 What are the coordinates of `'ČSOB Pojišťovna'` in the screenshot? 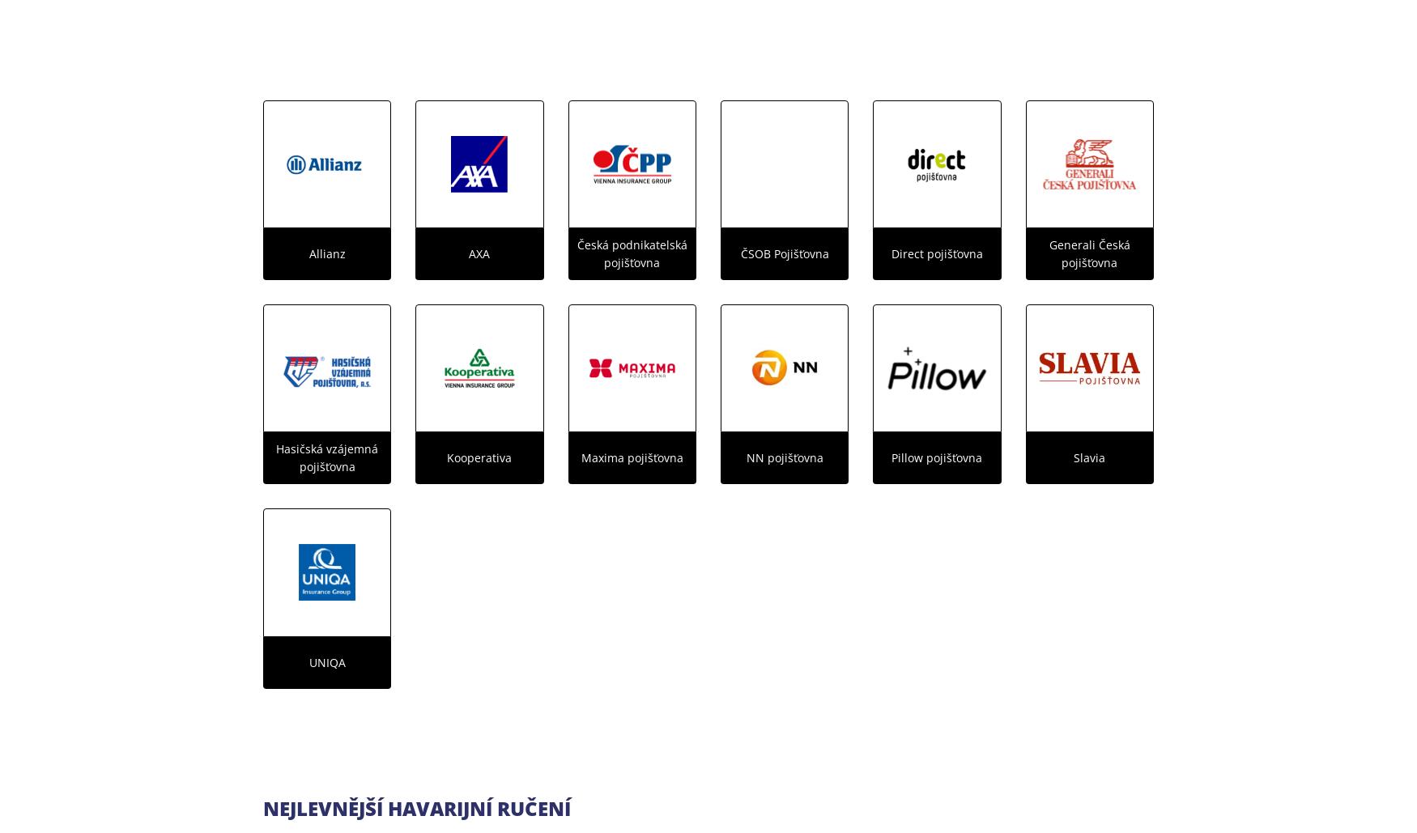 It's located at (784, 253).